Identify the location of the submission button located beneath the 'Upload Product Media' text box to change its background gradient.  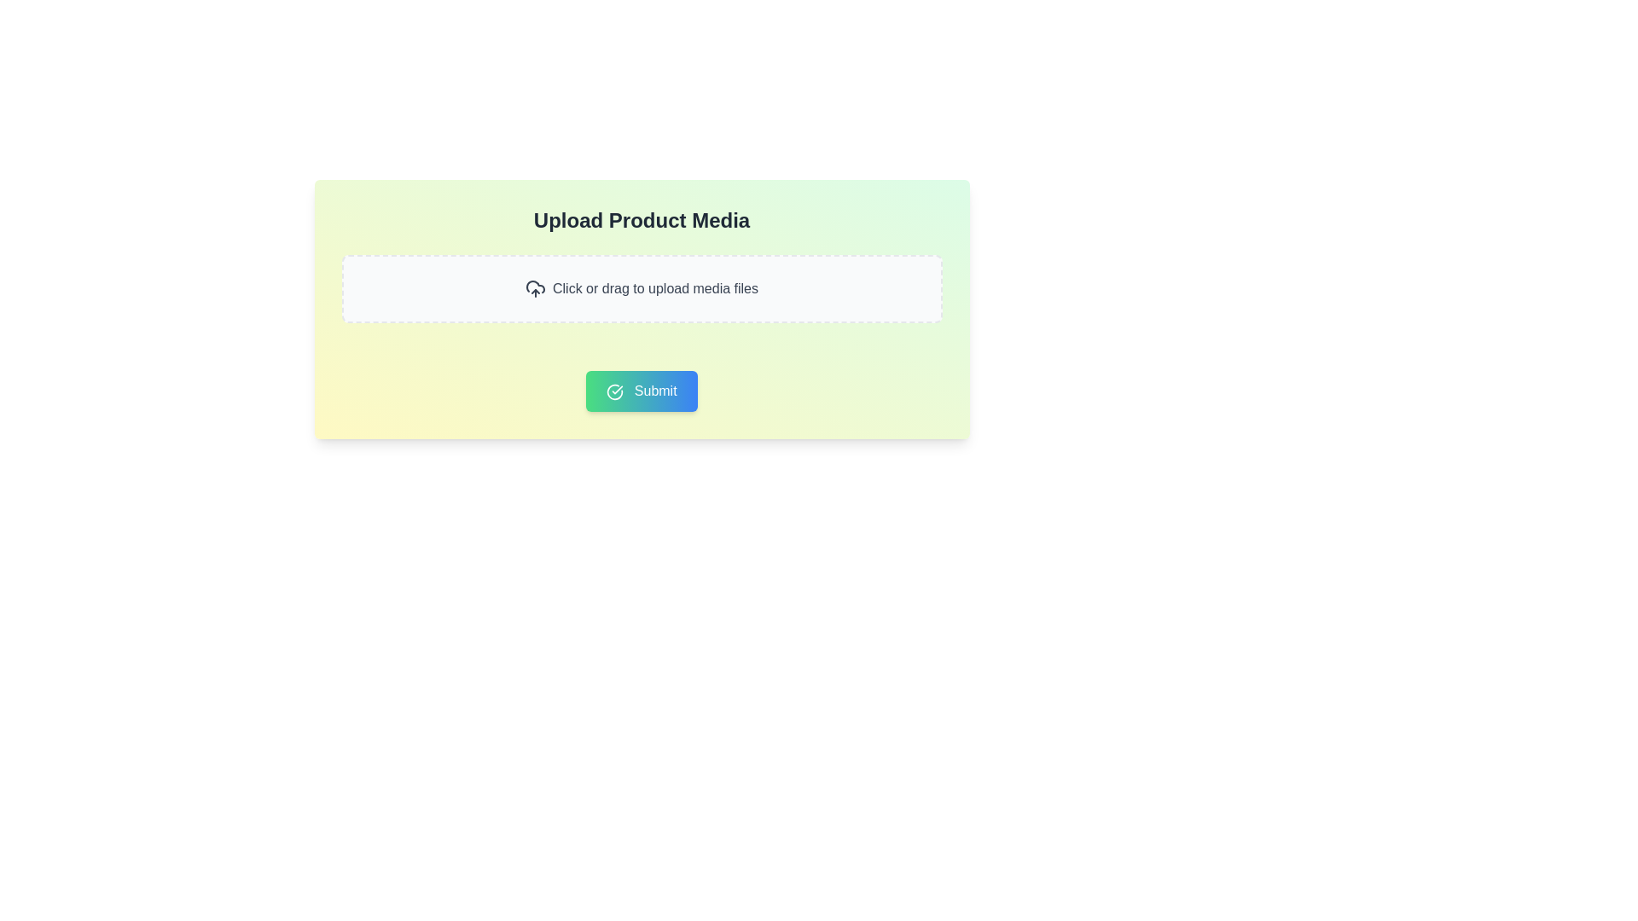
(641, 391).